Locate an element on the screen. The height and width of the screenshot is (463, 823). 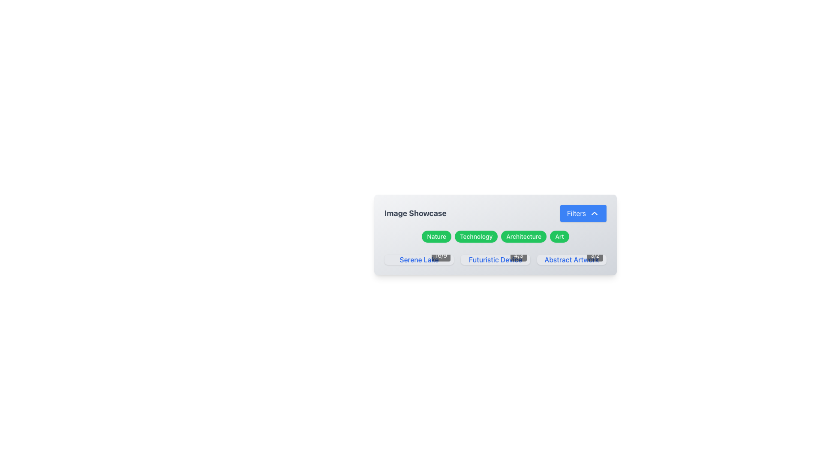
the 'Nature' toggle button located in the center-right of the interface is located at coordinates (436, 236).